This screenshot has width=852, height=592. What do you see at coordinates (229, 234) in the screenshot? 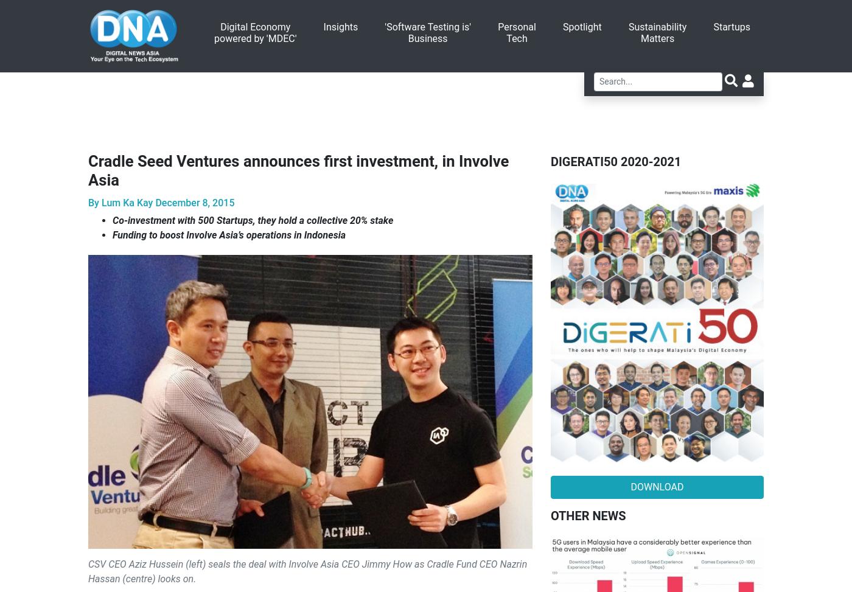
I see `'Funding to boost Involve Asia’s operations in Indonesia'` at bounding box center [229, 234].